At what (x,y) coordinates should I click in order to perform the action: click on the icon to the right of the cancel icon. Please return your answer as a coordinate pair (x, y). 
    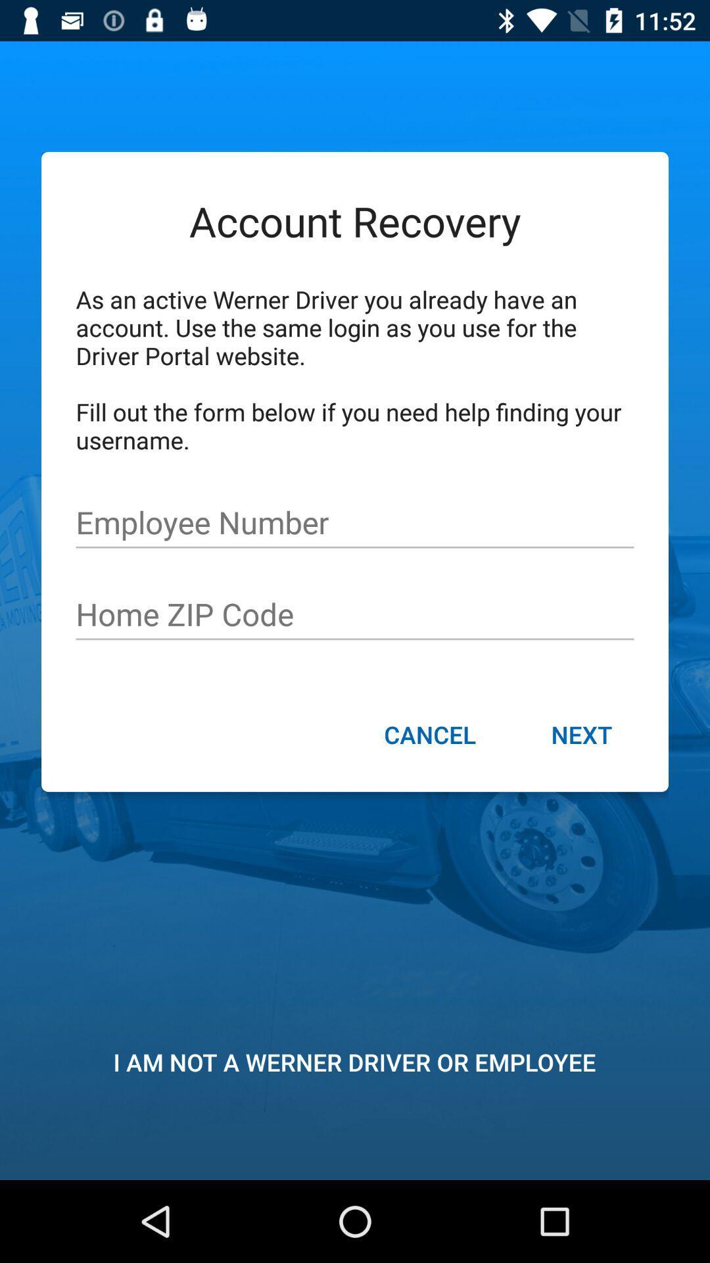
    Looking at the image, I should click on (580, 735).